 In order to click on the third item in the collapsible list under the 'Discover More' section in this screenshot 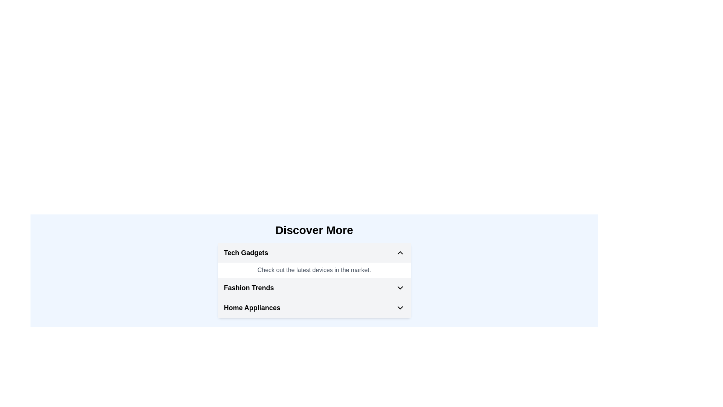, I will do `click(314, 308)`.